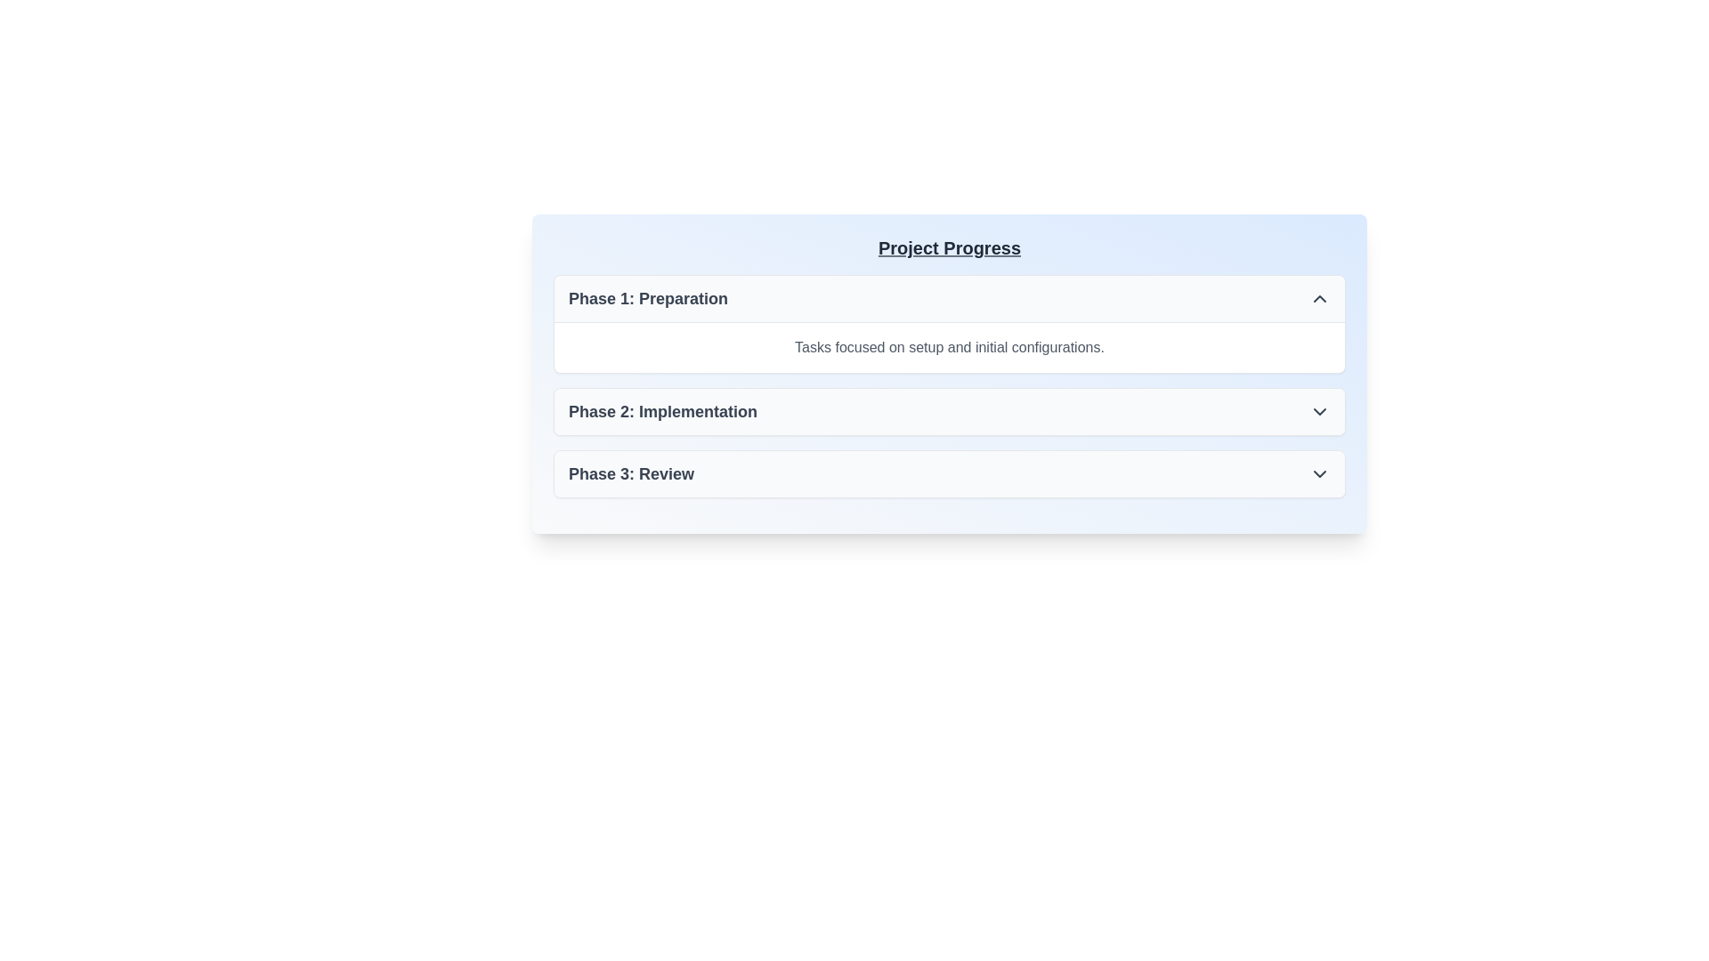 The image size is (1709, 961). Describe the element at coordinates (1320, 297) in the screenshot. I see `the Chevron icon (SVG) located on the far right of the row labeled 'Phase 1: Preparation'` at that location.